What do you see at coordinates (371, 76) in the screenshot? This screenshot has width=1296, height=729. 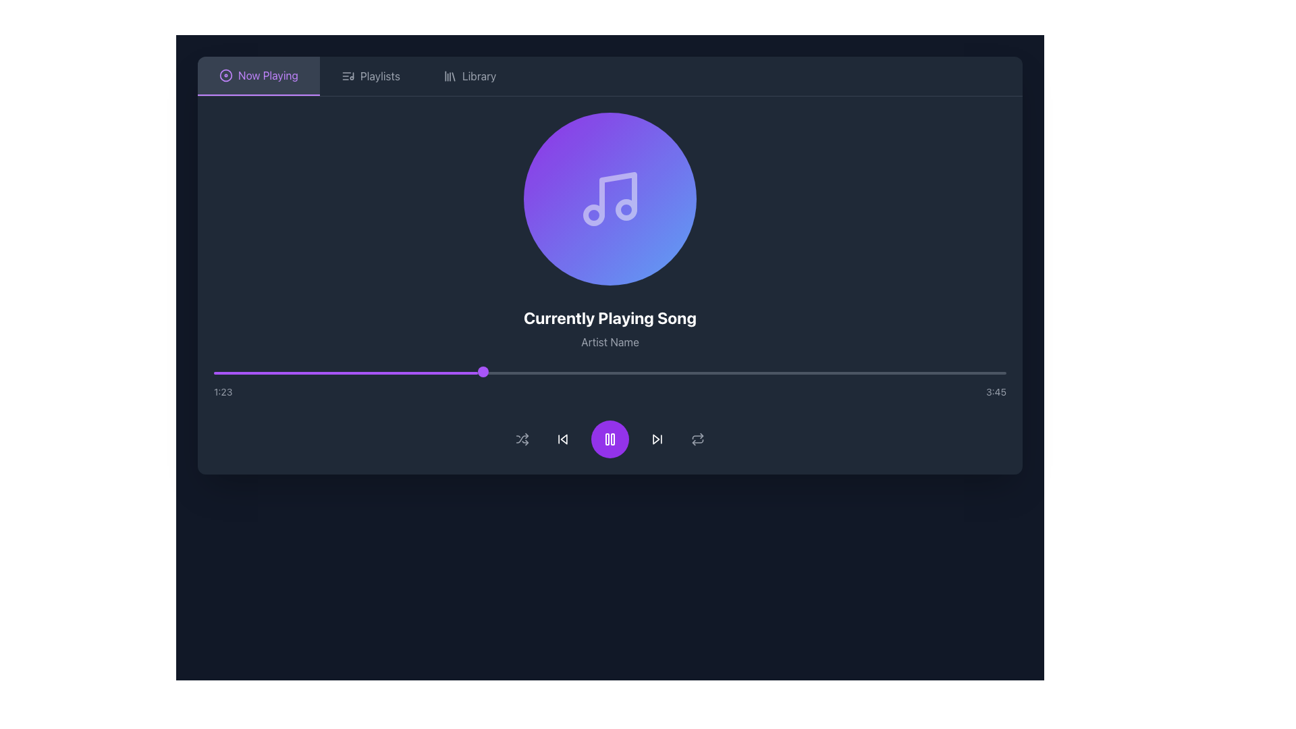 I see `the 'Playlists' button in the navigation bar` at bounding box center [371, 76].